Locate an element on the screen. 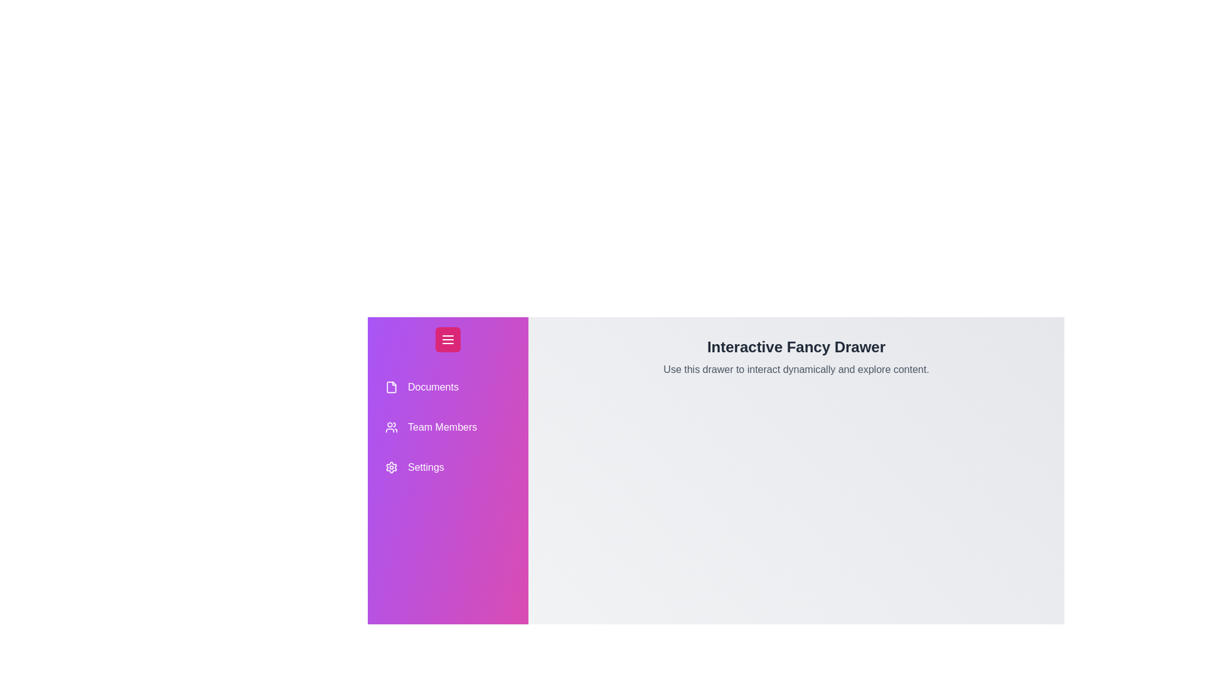  the drawer item labeled Documents to highlight it is located at coordinates (448, 386).